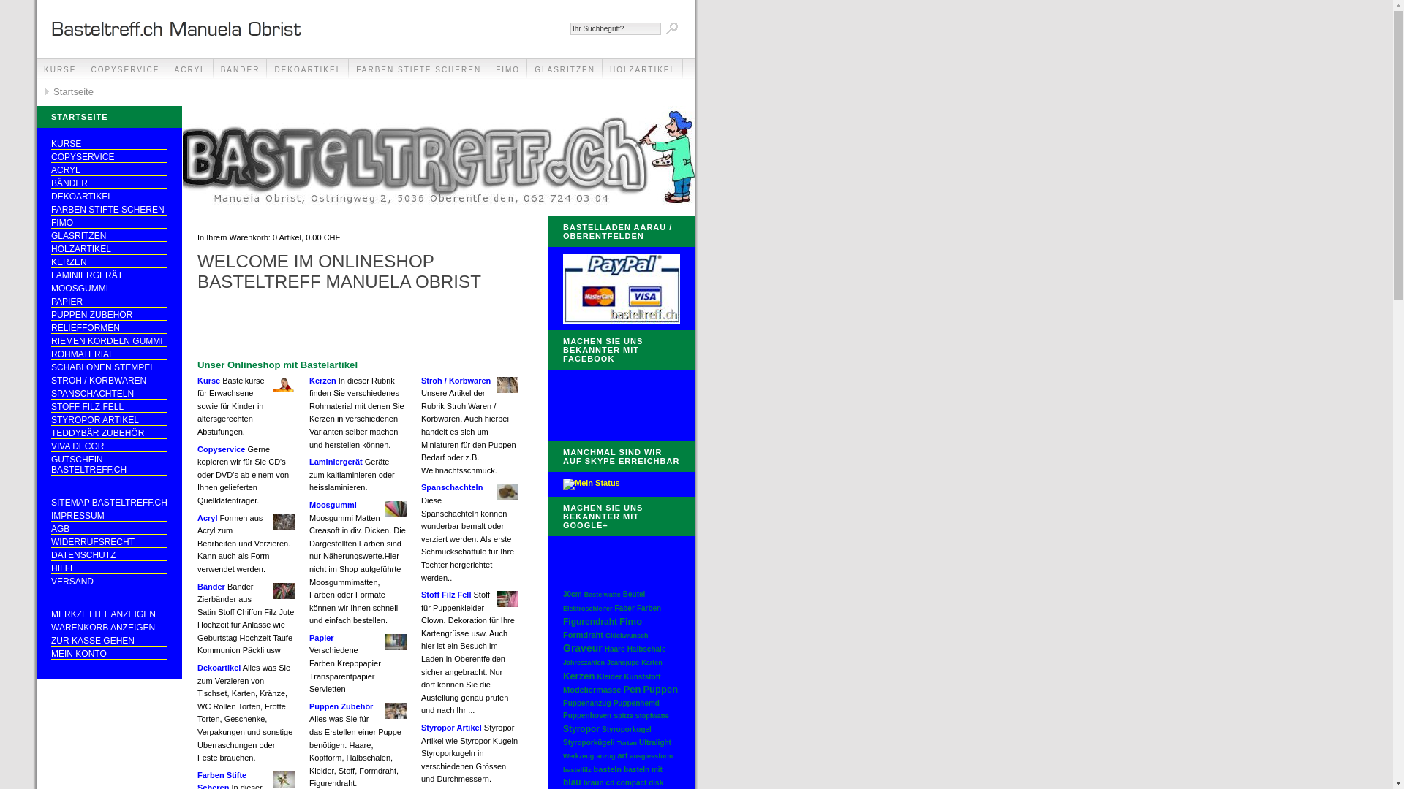 This screenshot has height=789, width=1404. I want to click on 'Acryl', so click(206, 517).